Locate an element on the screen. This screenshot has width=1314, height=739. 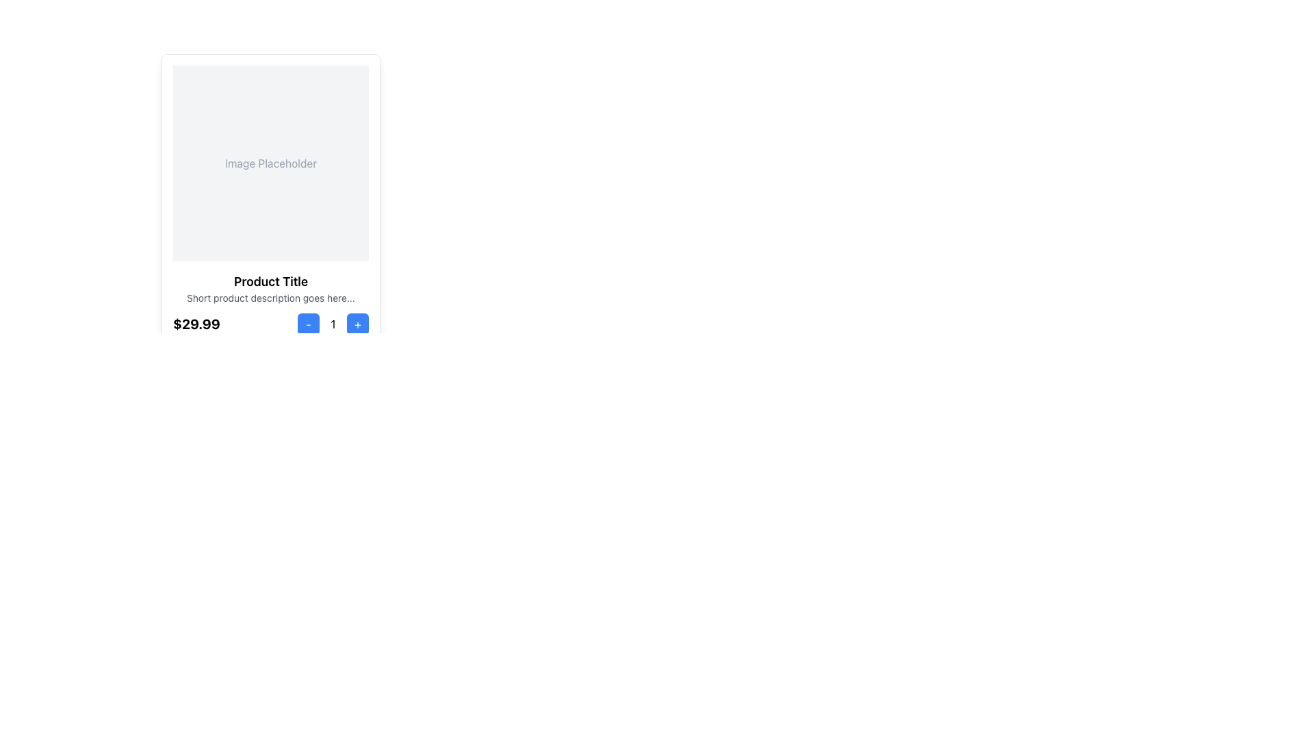
the square button with a '+' symbol in white against a blue background, which is located near the bottom of a product card is located at coordinates (358, 324).